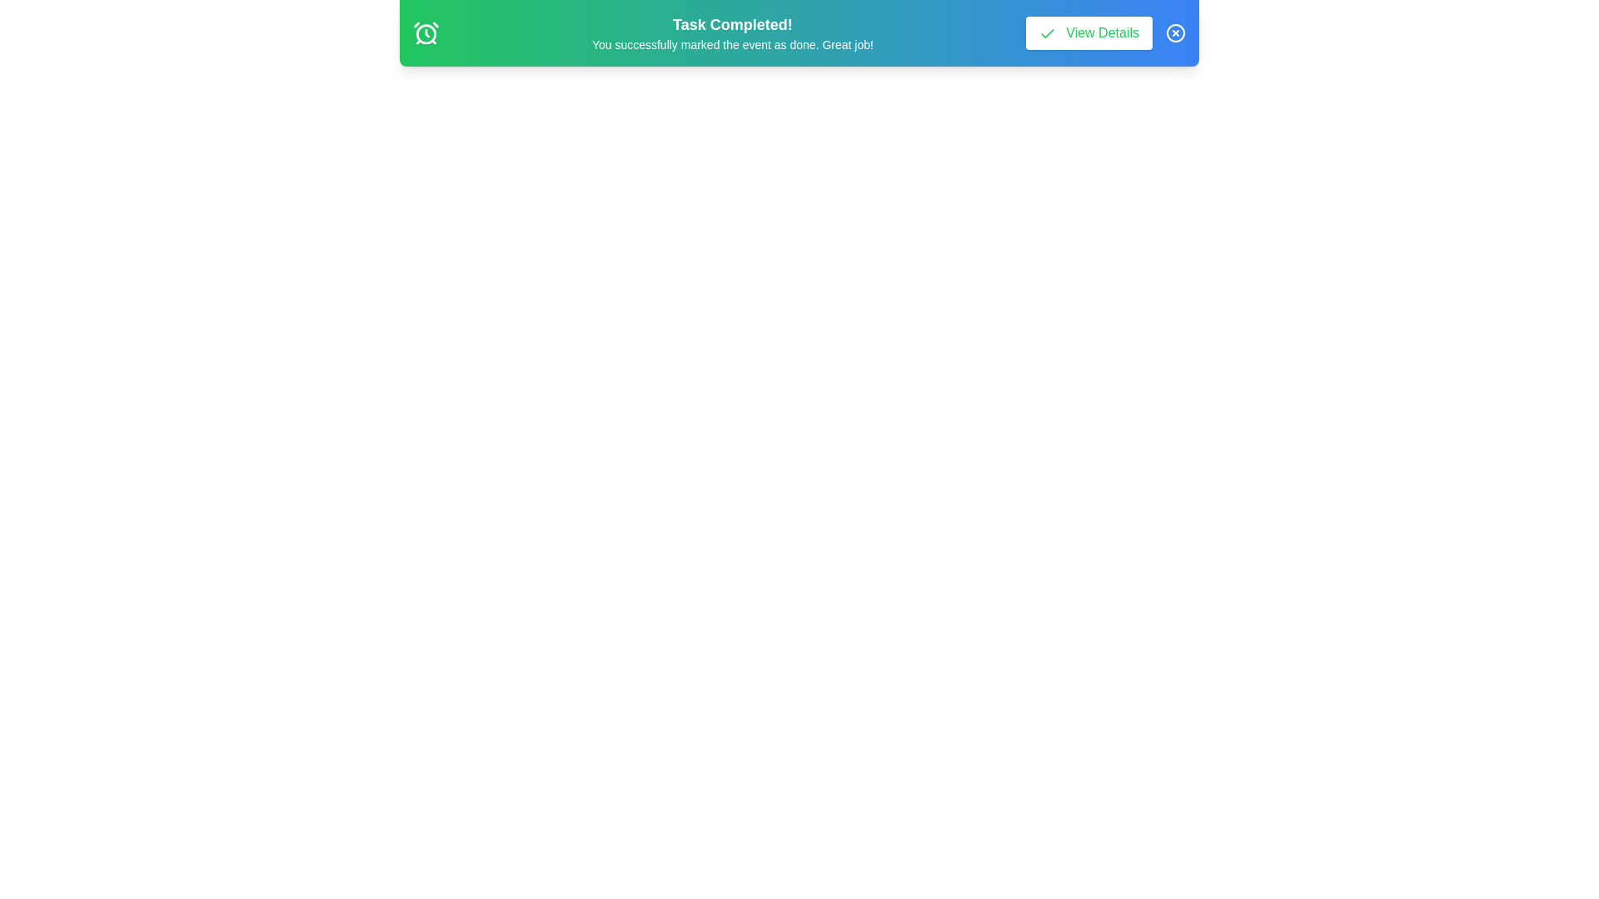  I want to click on the banner element container, so click(799, 32).